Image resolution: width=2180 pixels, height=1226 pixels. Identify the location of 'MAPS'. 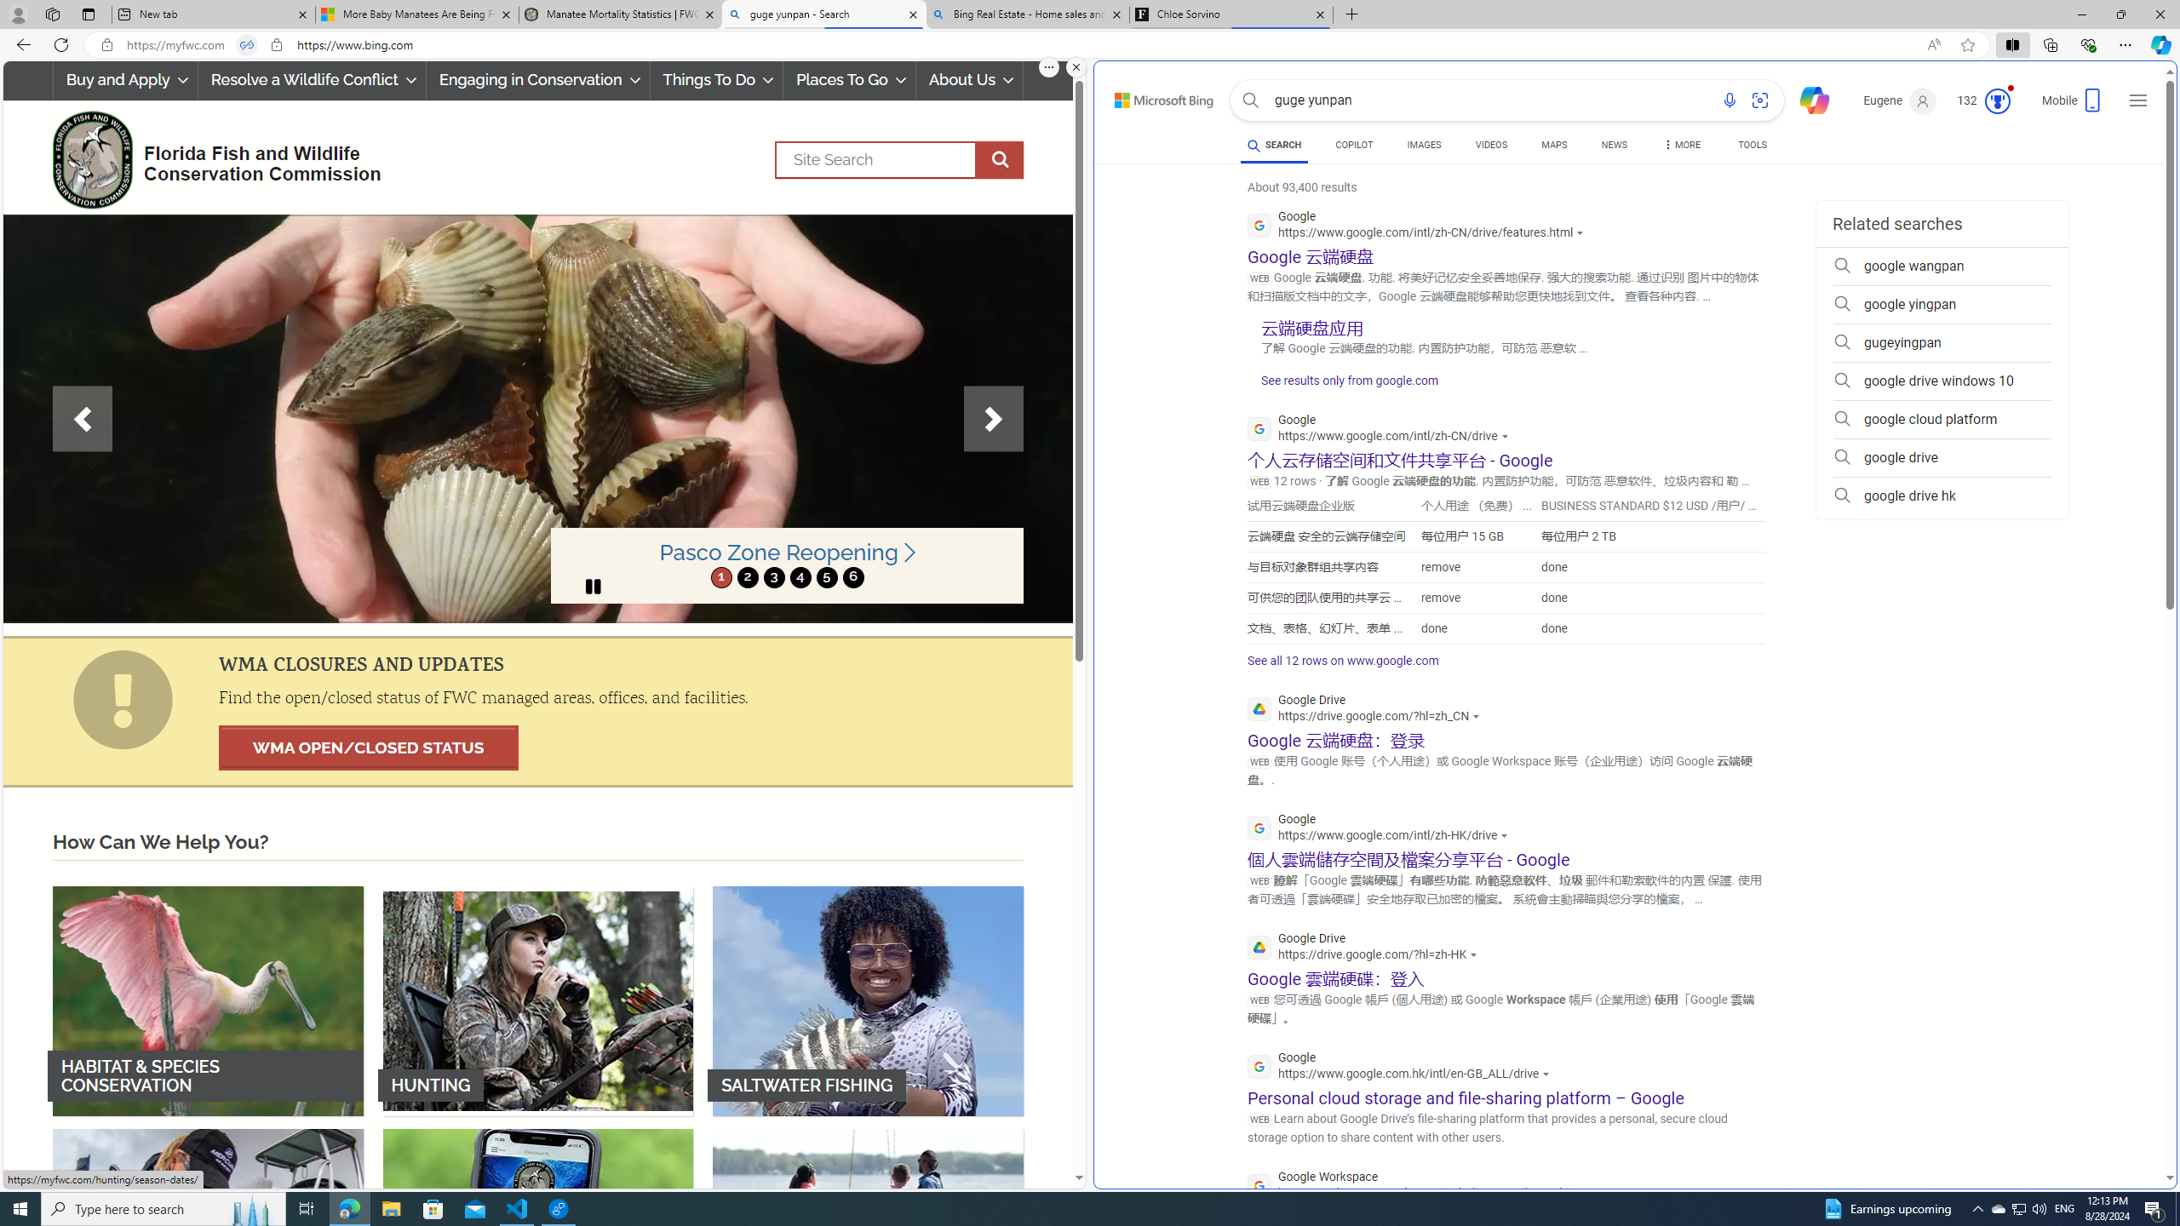
(1554, 144).